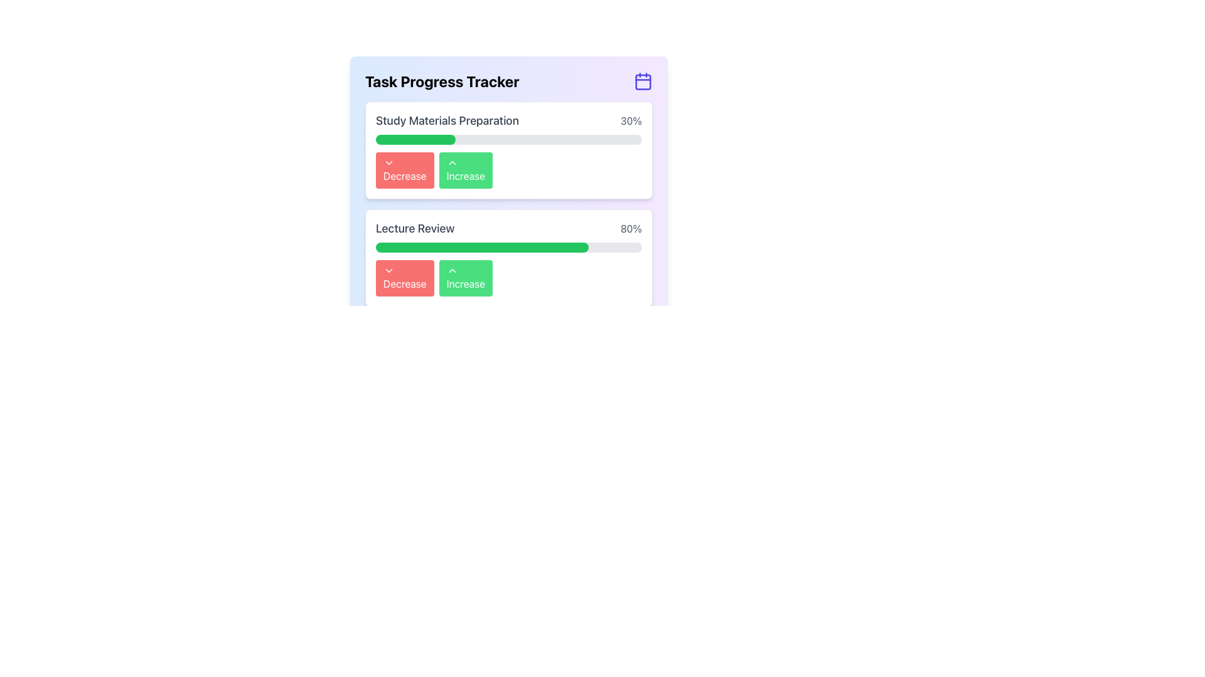 This screenshot has height=677, width=1205. I want to click on the SVG Icon that indicates the 'Decrease' action within the 'Decrease' button of the 'Study Materials Preparation' progress tracker, located above the 30% completion progress bar, so click(388, 162).